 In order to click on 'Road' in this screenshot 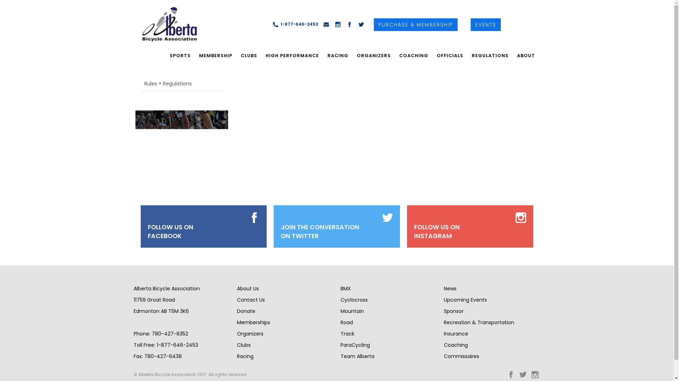, I will do `click(340, 322)`.